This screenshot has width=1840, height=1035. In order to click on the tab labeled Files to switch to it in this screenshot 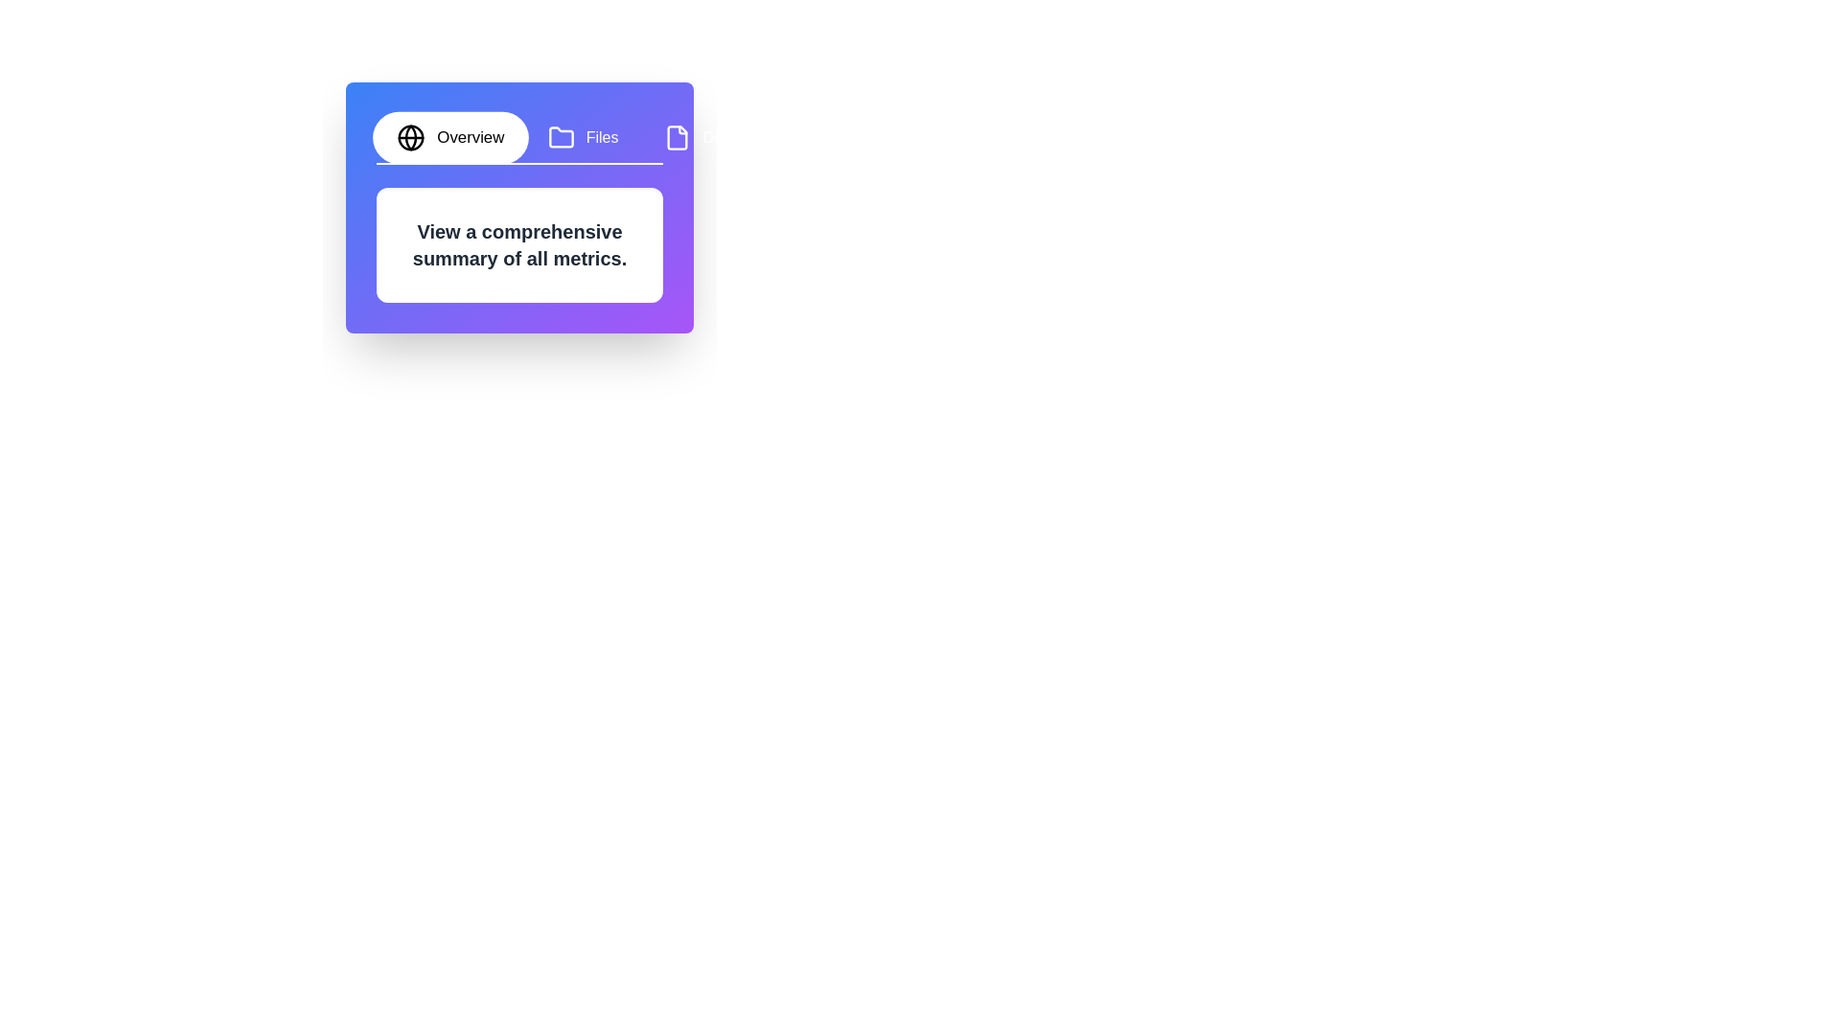, I will do `click(582, 136)`.